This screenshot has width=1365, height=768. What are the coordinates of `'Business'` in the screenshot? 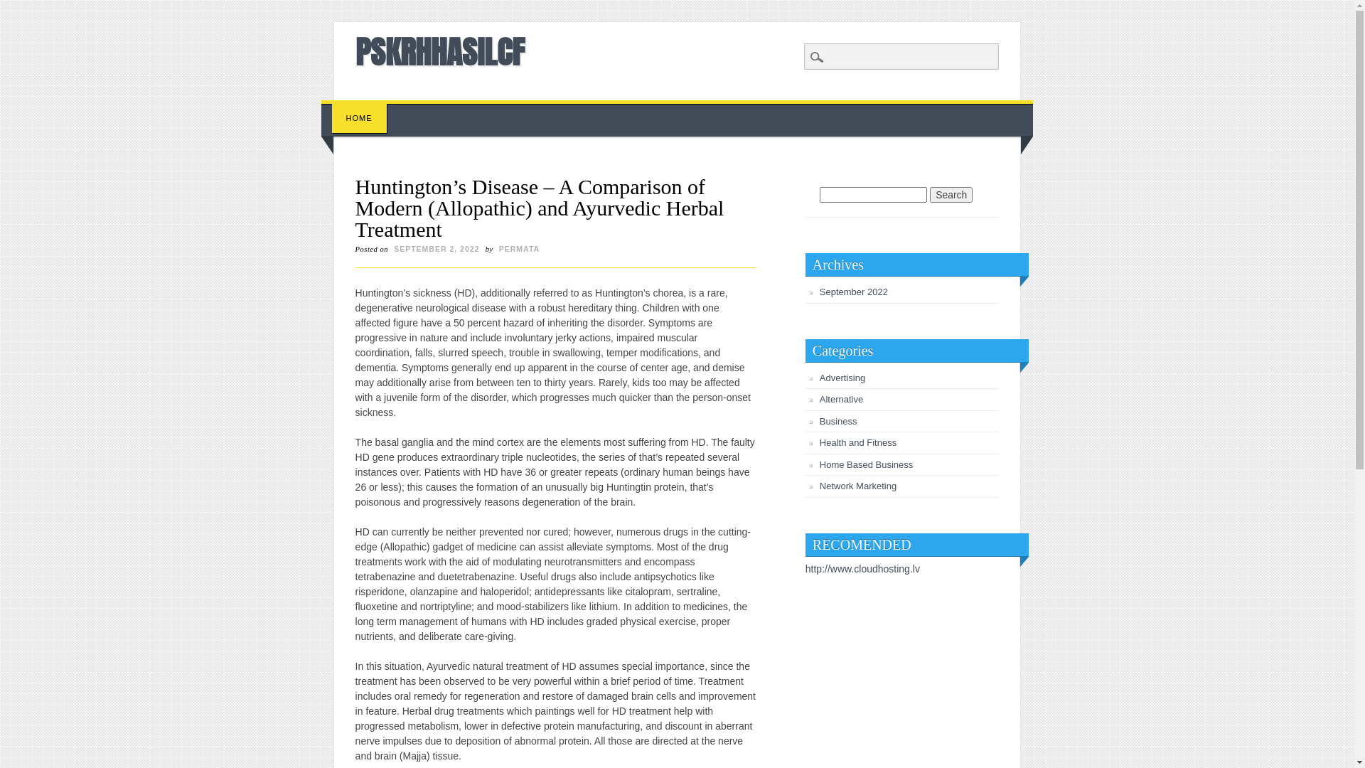 It's located at (819, 420).